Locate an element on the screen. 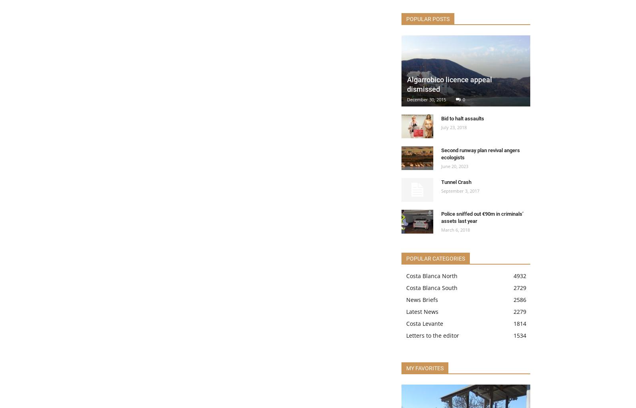 This screenshot has width=636, height=408. 'Costa Blanca North' is located at coordinates (432, 276).